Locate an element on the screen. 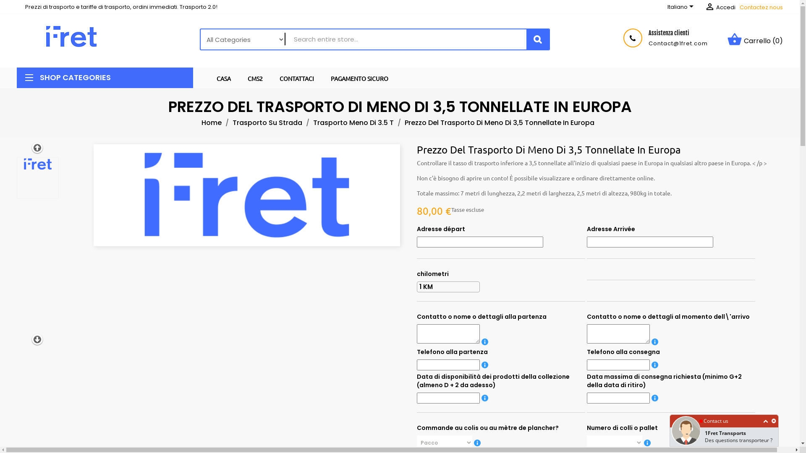 The height and width of the screenshot is (453, 806). 'Trasporto Su Strada' is located at coordinates (232, 122).